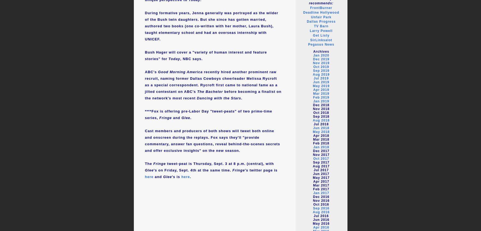 The height and width of the screenshot is (231, 481). Describe the element at coordinates (321, 128) in the screenshot. I see `'Jun 2018'` at that location.